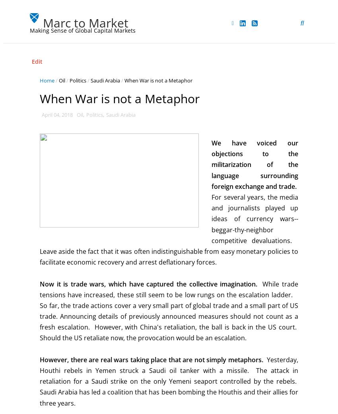  Describe the element at coordinates (151, 359) in the screenshot. I see `'However, there are real wars taking place that are not simply metaphors.'` at that location.